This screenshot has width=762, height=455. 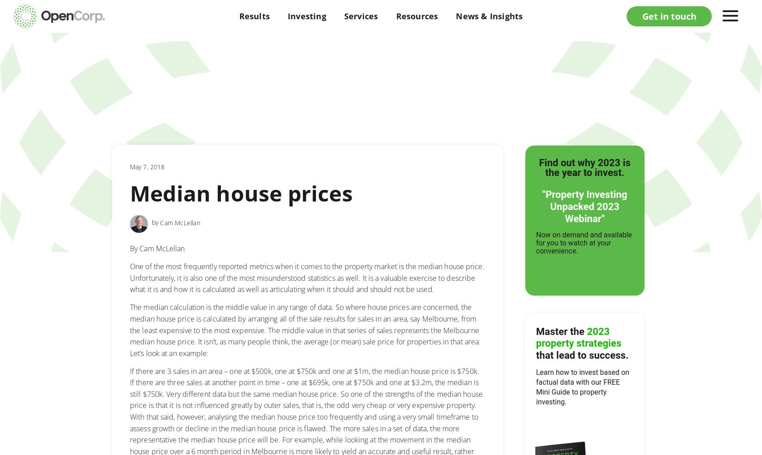 What do you see at coordinates (130, 278) in the screenshot?
I see `'One of the most frequently reported metrics when it comes to the property market is the median house price. Unfortunately, it is also one of the most misunderstood statistics as well. It is a valuable exercise to describe what it is and how it is calculated as well as articulating when it should and should not be used.'` at bounding box center [130, 278].